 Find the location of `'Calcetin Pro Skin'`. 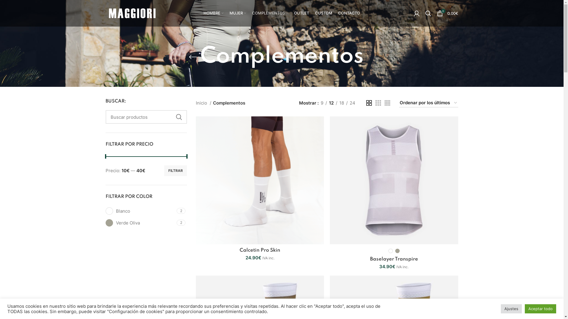

'Calcetin Pro Skin' is located at coordinates (240, 250).